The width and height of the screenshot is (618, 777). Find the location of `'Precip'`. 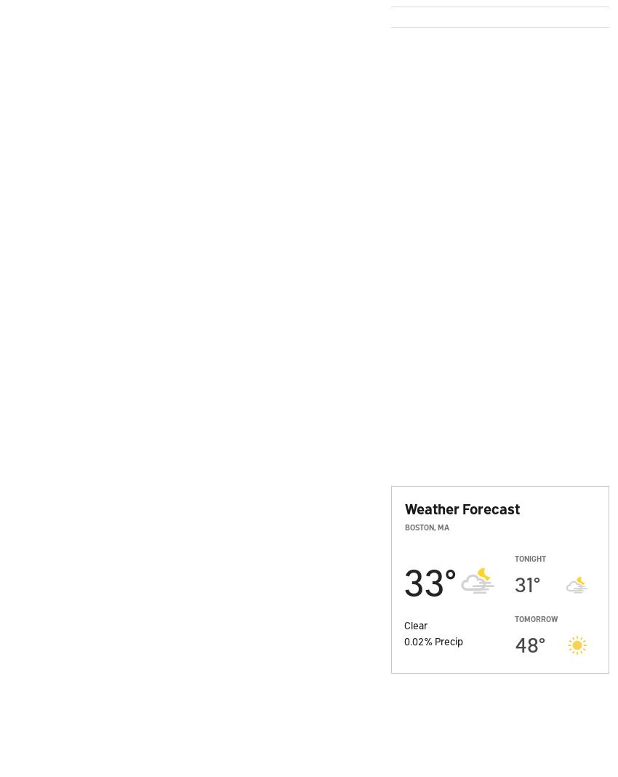

'Precip' is located at coordinates (448, 639).